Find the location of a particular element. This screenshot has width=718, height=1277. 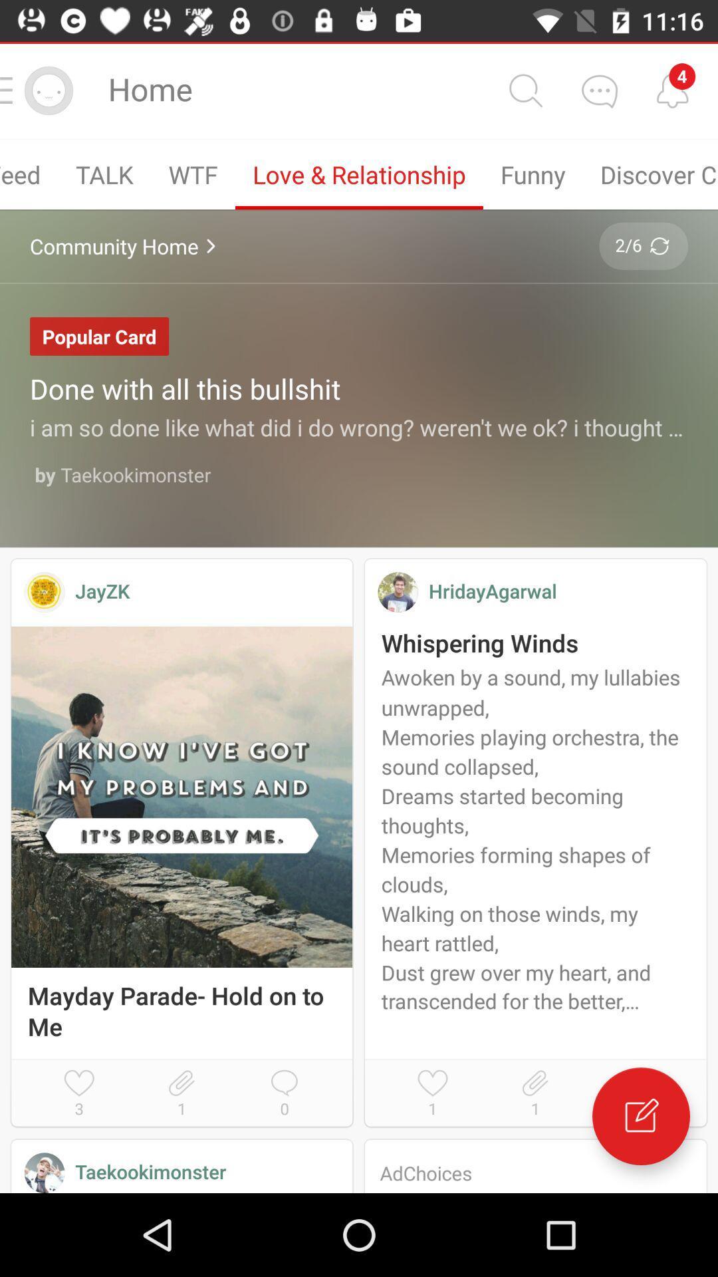

the edit icon is located at coordinates (640, 1116).